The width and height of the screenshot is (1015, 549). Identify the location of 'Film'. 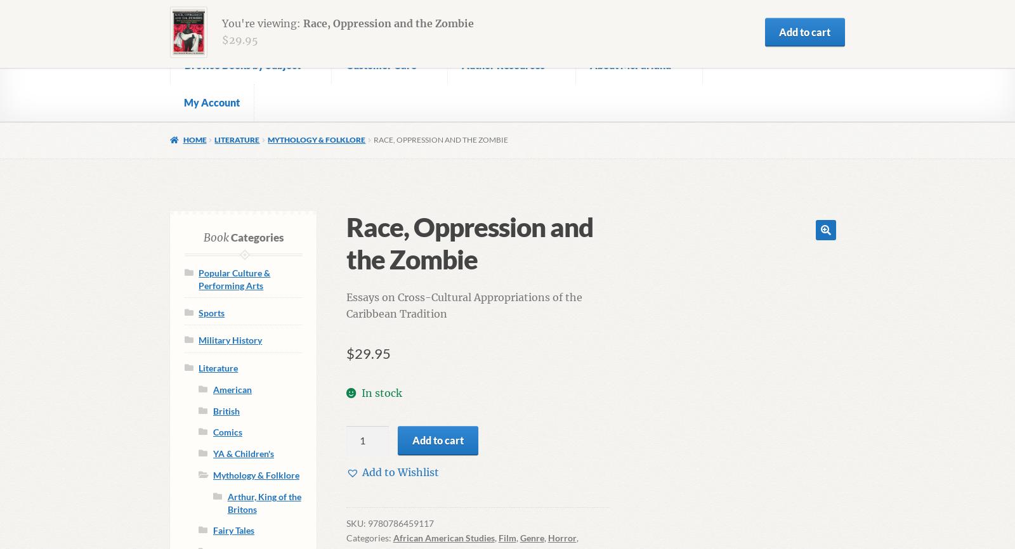
(507, 537).